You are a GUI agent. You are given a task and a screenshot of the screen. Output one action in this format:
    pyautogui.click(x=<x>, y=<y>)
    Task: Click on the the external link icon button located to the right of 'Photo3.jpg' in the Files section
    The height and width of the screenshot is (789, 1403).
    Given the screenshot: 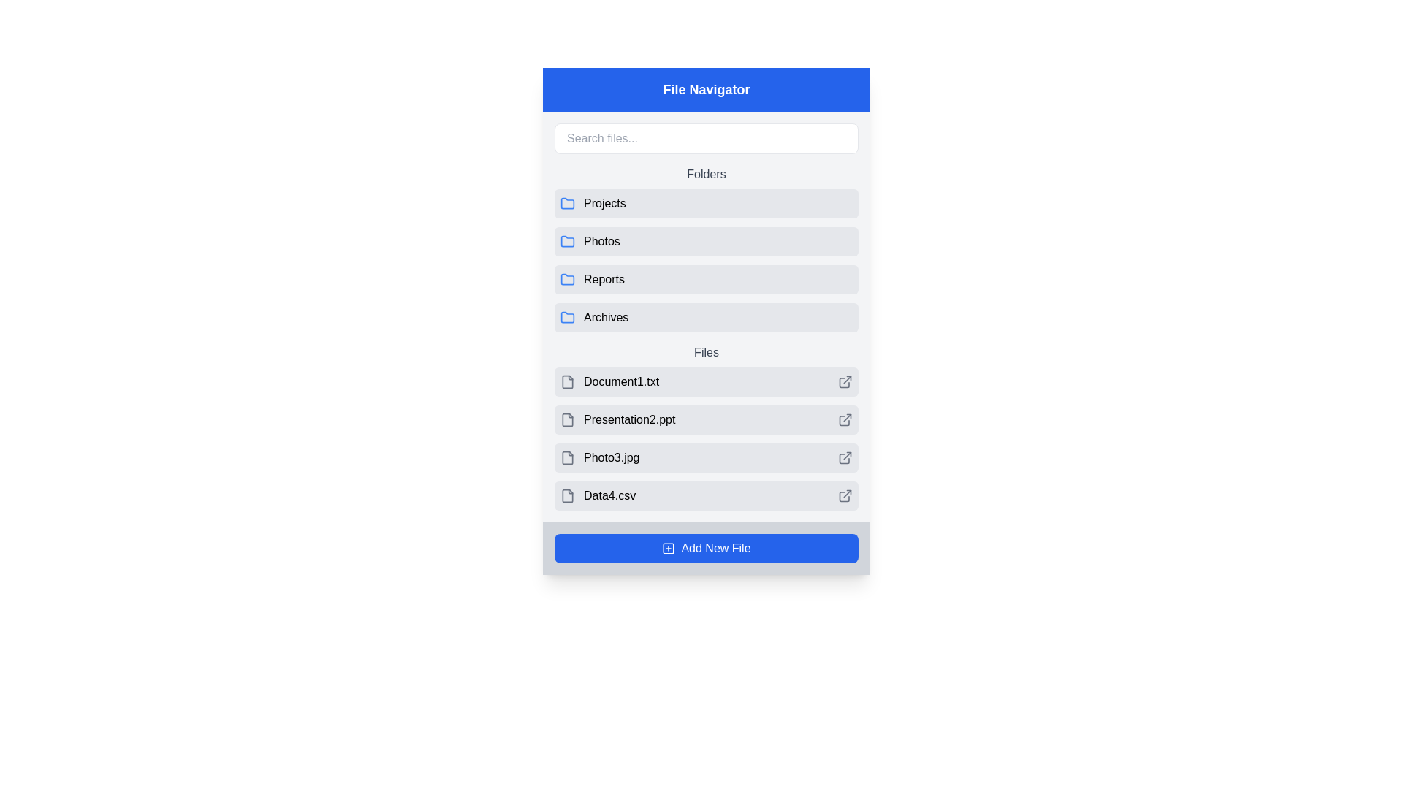 What is the action you would take?
    pyautogui.click(x=845, y=457)
    